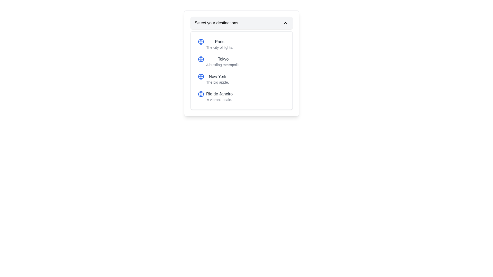  I want to click on the list item with the title 'Paris' and subtitle 'The city of lights.' which is positioned at the top of the destination list under 'Select your destinations.', so click(215, 44).